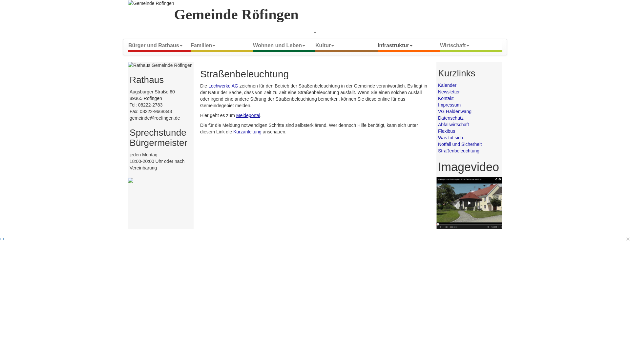 Image resolution: width=630 pixels, height=354 pixels. I want to click on 'Lechwerke AG', so click(223, 86).